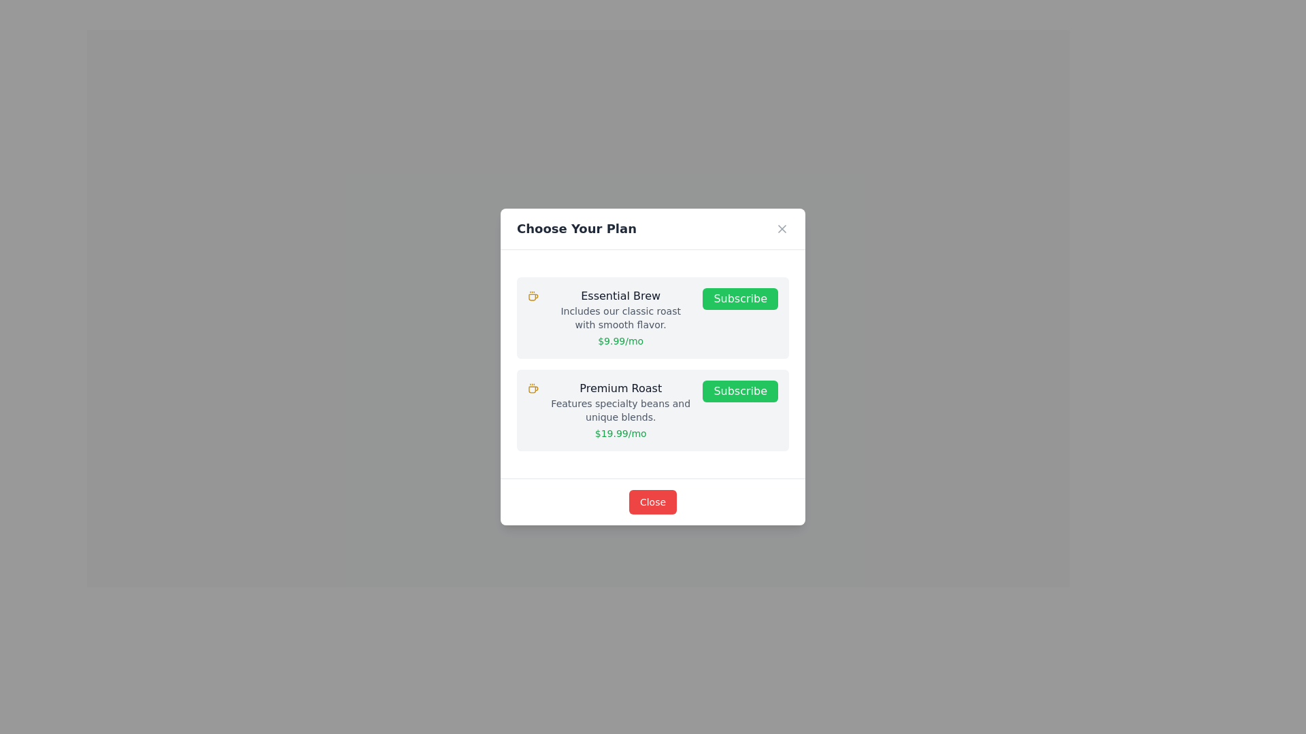 The width and height of the screenshot is (1306, 734). I want to click on the pricing information text label located in the second subscription card (Premium Roast), which is positioned below the description about specialty beans and unique blends, so click(620, 433).